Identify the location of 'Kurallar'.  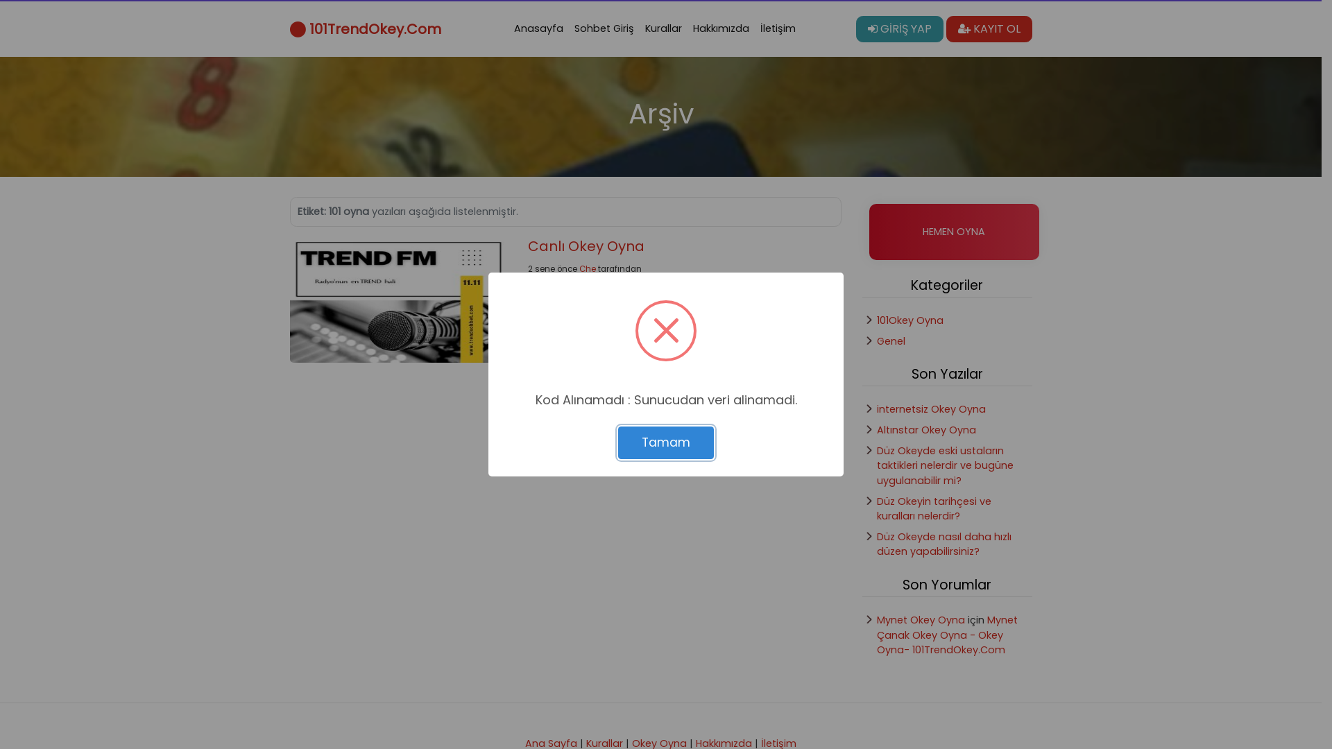
(663, 29).